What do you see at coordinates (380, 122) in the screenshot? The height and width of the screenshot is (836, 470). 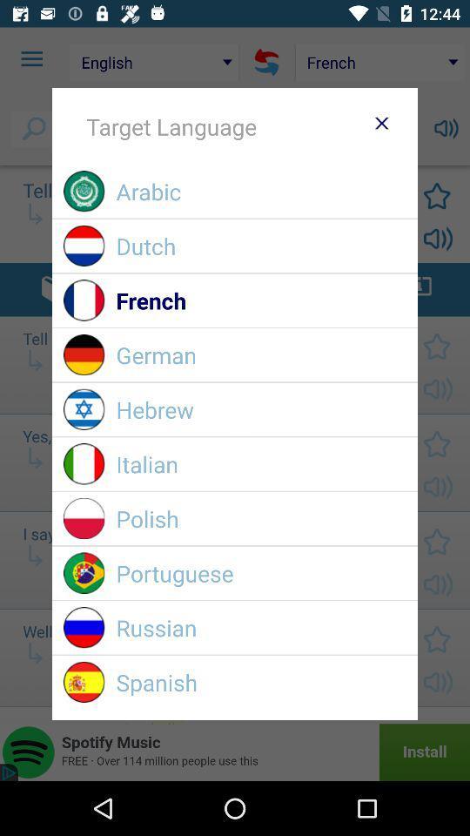 I see `the icon to the right of target language item` at bounding box center [380, 122].